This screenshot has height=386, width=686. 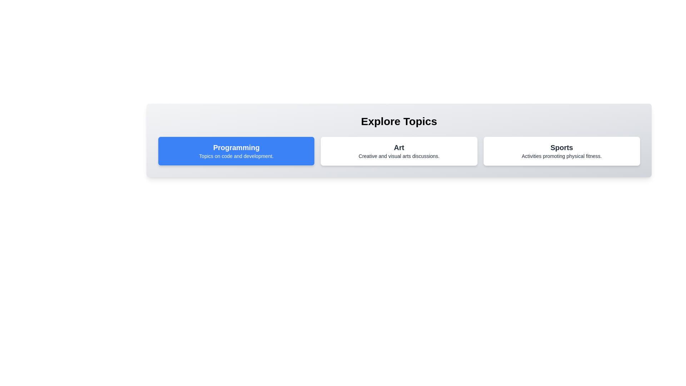 What do you see at coordinates (399, 151) in the screenshot?
I see `the topic card labeled 'Art' to see the hover effect` at bounding box center [399, 151].